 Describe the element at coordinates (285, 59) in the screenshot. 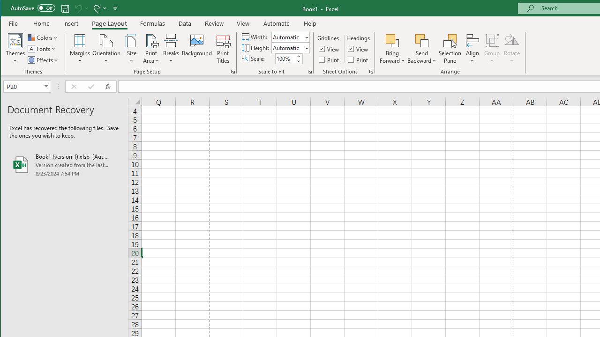

I see `'Scale'` at that location.